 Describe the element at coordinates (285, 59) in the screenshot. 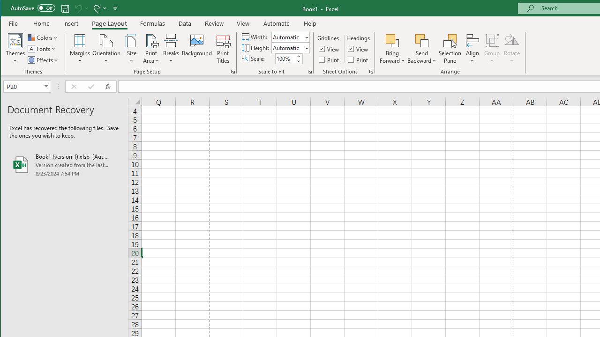

I see `'Scale'` at that location.